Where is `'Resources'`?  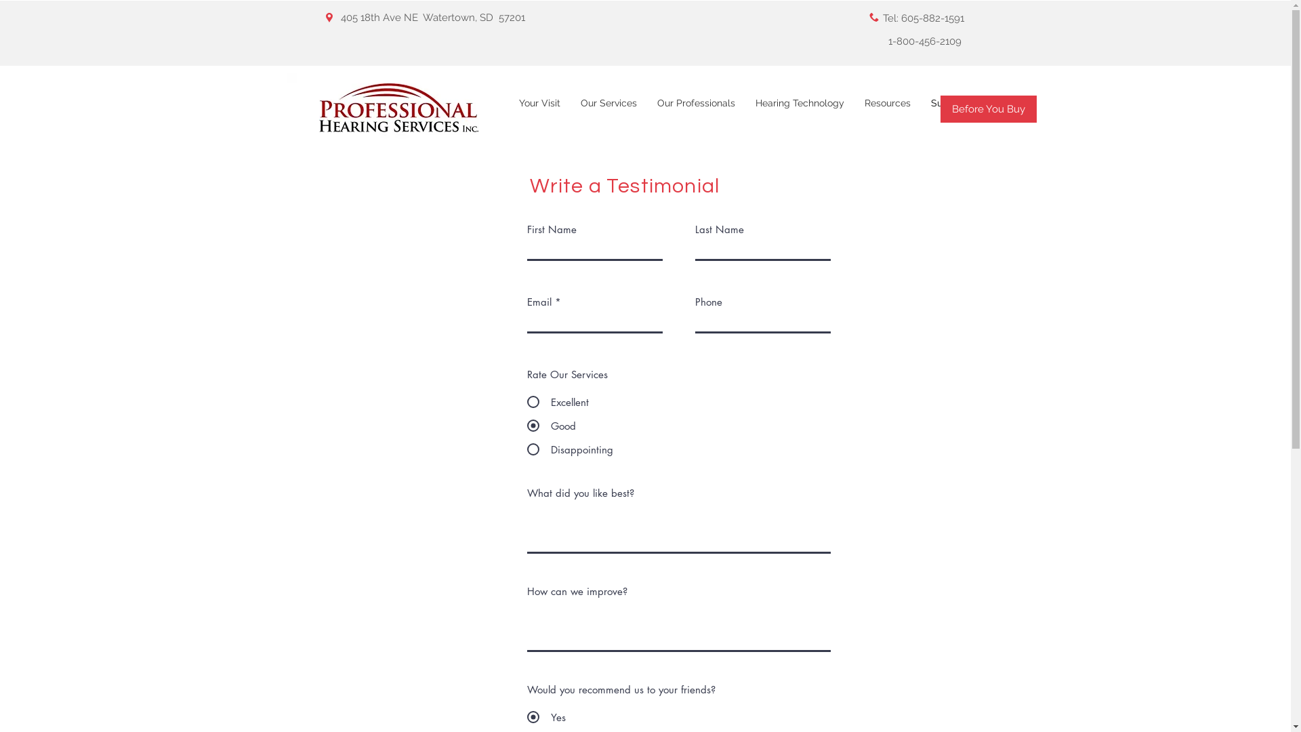
'Resources' is located at coordinates (887, 108).